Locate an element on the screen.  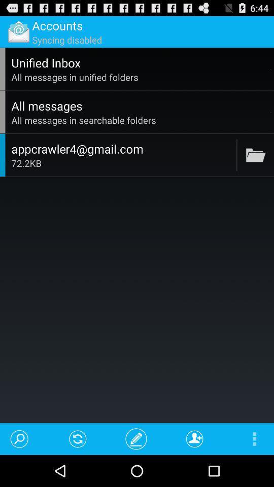
item next to all messages app is located at coordinates (271, 112).